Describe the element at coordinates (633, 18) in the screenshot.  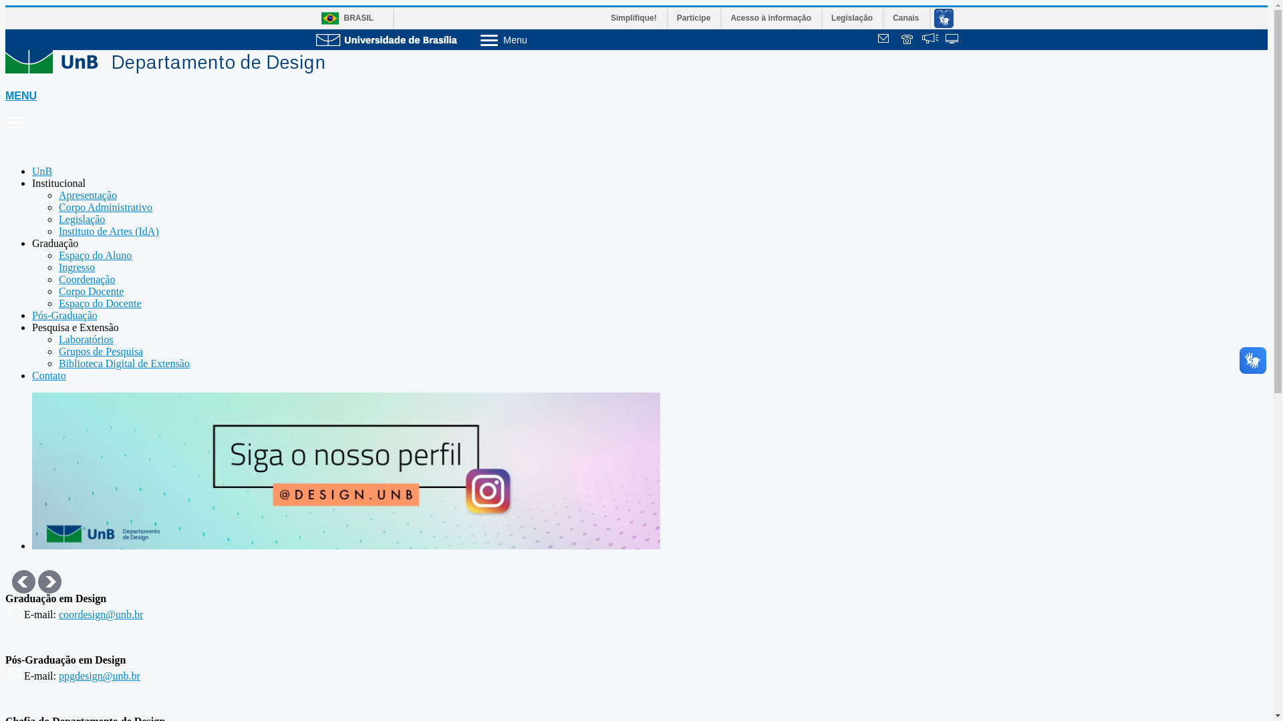
I see `'Simplifique!'` at that location.